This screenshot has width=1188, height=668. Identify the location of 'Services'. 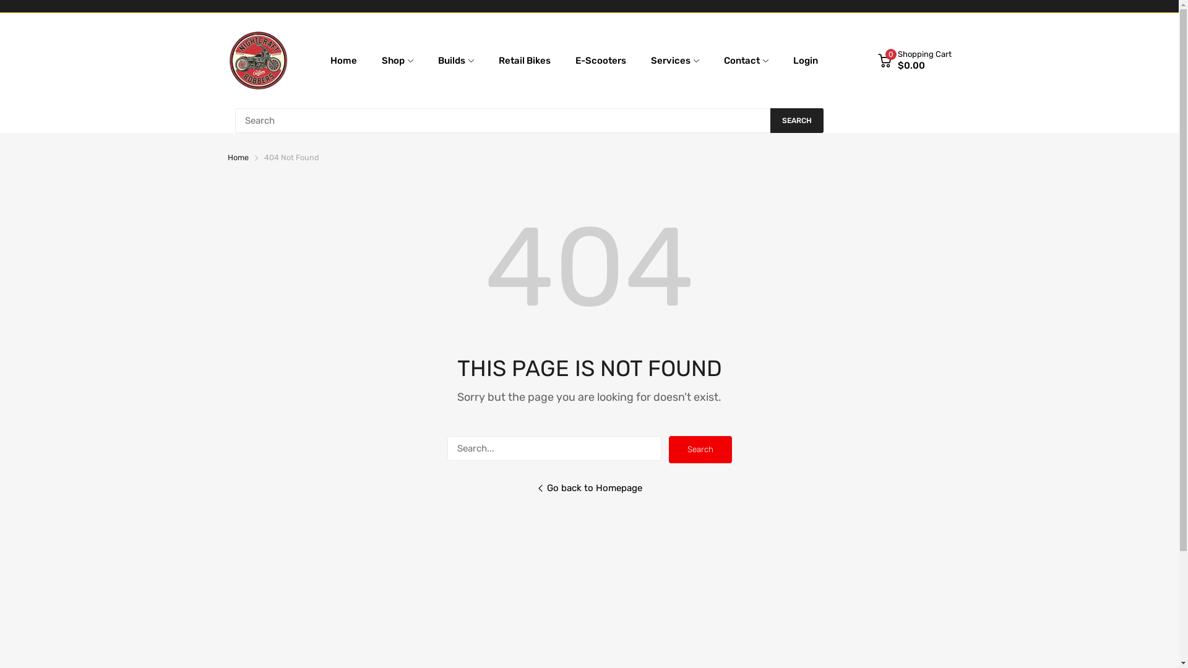
(670, 60).